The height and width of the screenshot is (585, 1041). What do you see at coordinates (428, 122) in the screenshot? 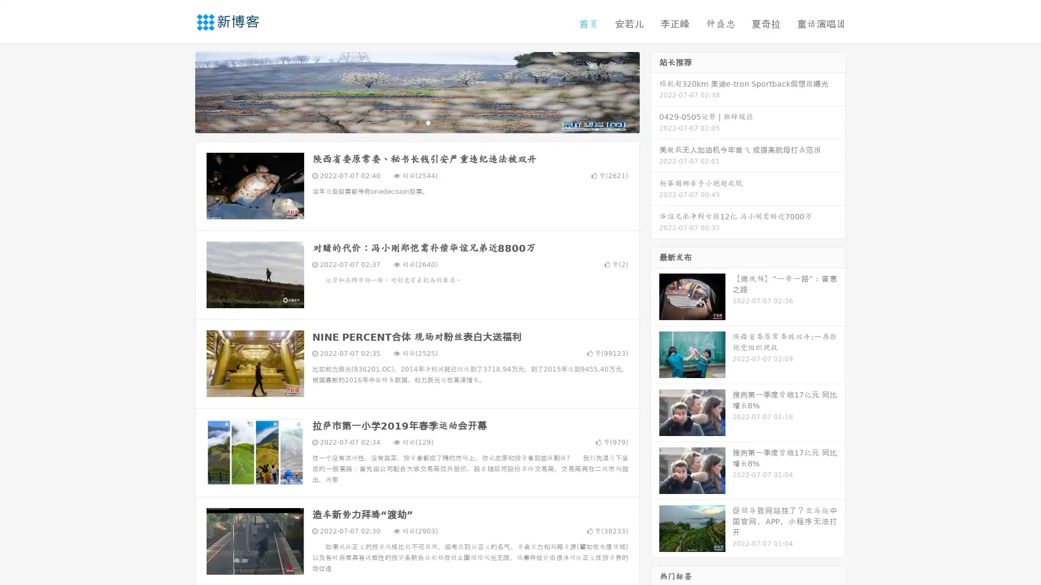
I see `Go to slide 3` at bounding box center [428, 122].